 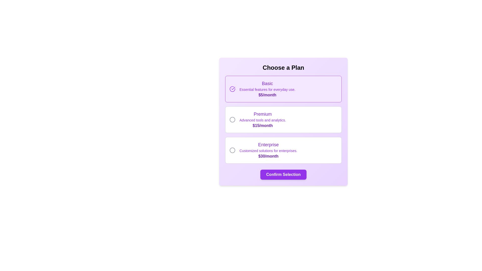 I want to click on the text displaying '$30/month' in bold purple font, which is positioned at the bottom of the 'Enterprise' option card, below the description 'Customized solutions for enterprises.', so click(x=268, y=156).